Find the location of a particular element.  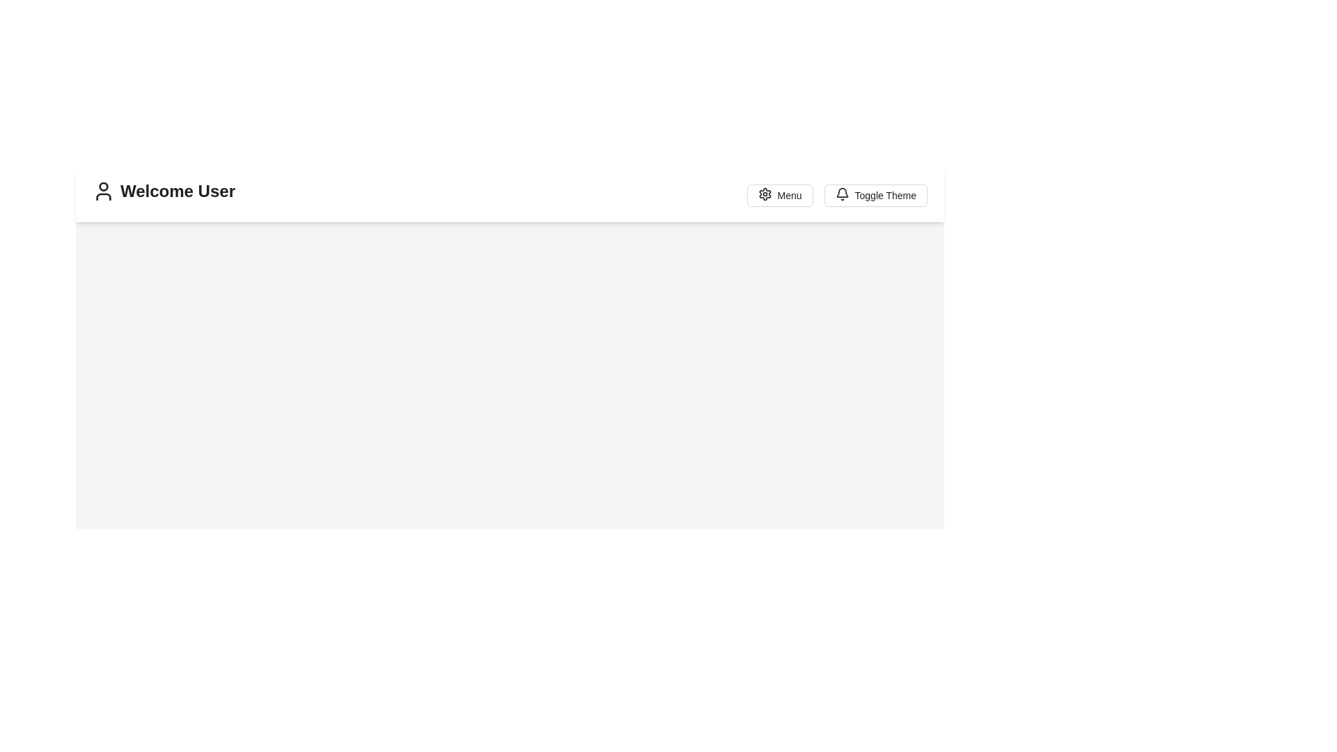

the button labeled 'Menu' with a gear icon on the left is located at coordinates (779, 196).